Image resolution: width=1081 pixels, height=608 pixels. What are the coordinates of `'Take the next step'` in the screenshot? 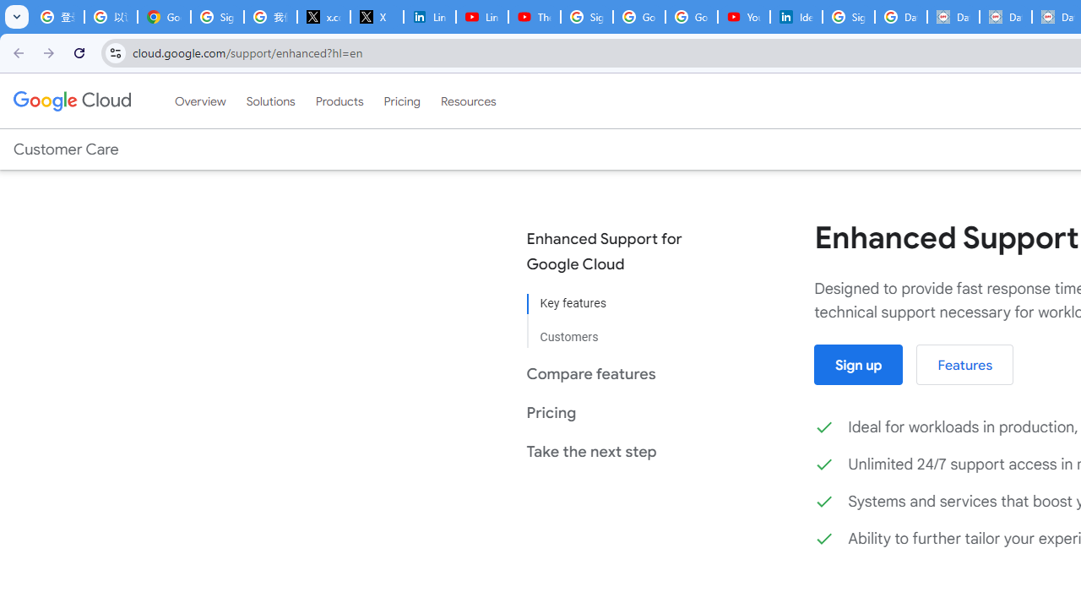 It's located at (616, 450).